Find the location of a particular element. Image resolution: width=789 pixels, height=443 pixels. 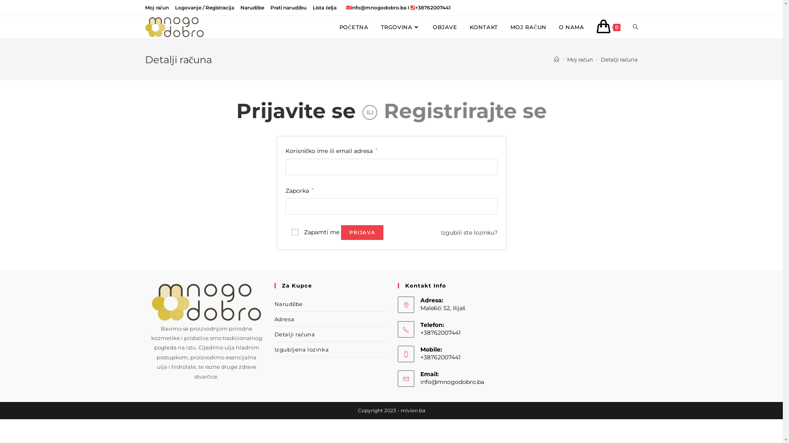

'+38762007441' is located at coordinates (432, 7).